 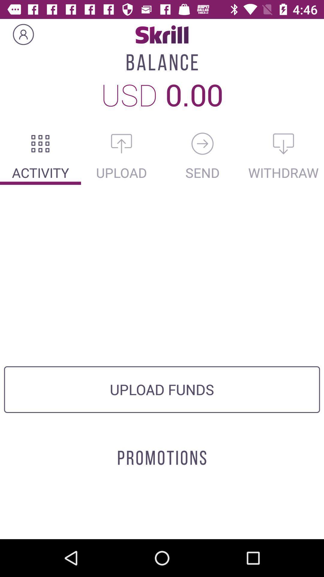 What do you see at coordinates (121, 143) in the screenshot?
I see `click upload` at bounding box center [121, 143].